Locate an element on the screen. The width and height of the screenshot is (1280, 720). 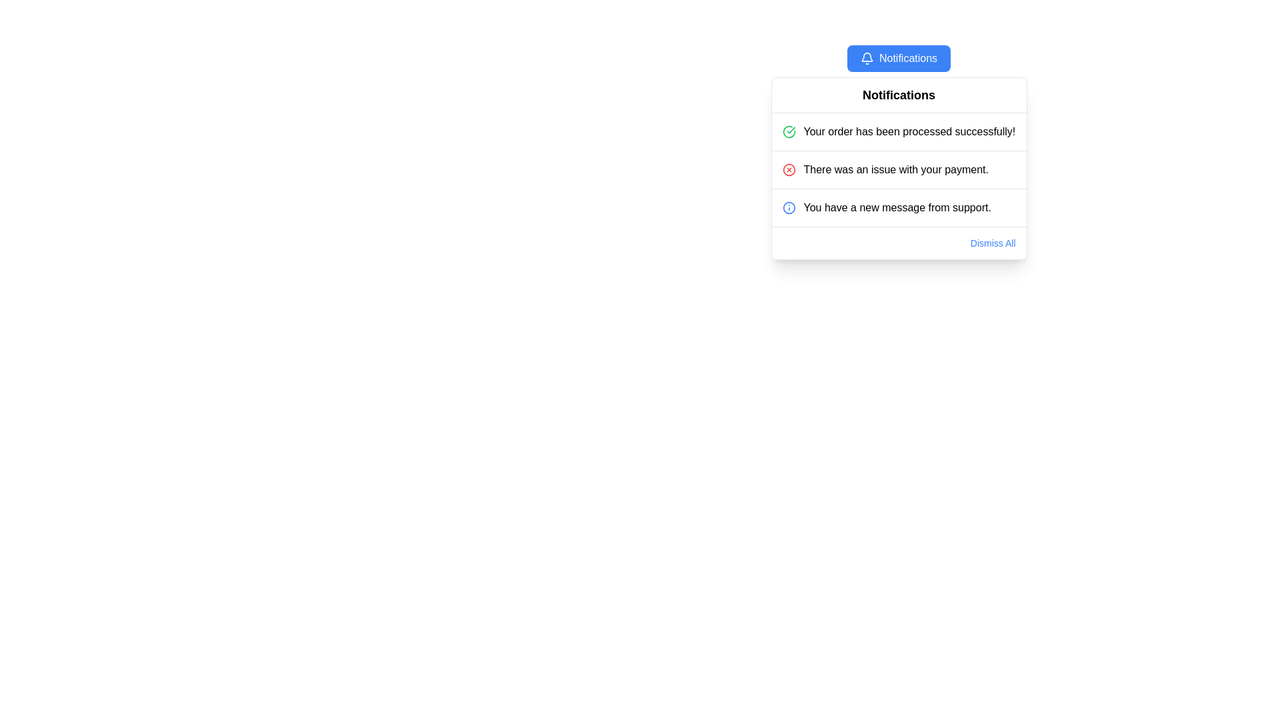
text content of the notification label indicating a new message from support, located at the bottom of the notification panel in the third row is located at coordinates (897, 208).